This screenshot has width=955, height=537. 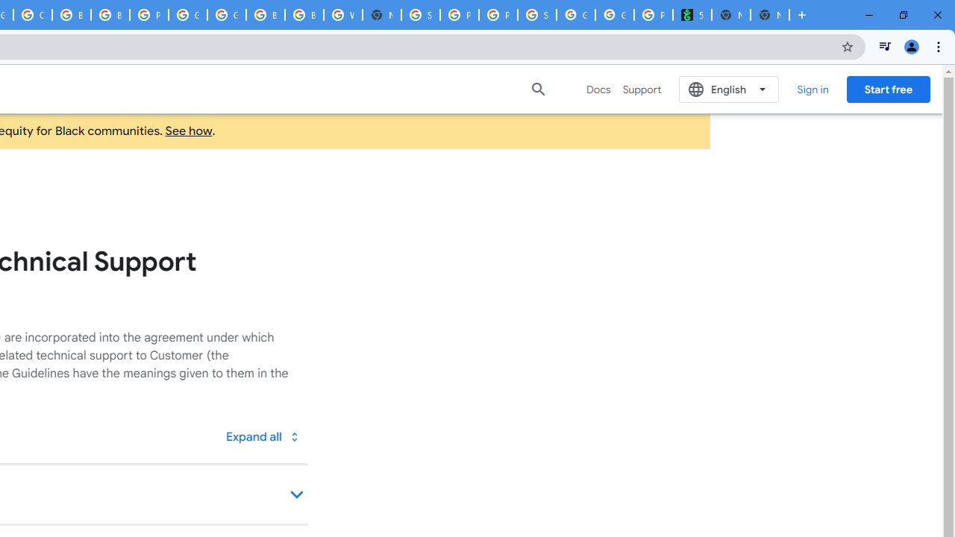 What do you see at coordinates (187, 15) in the screenshot?
I see `'Google Cloud Platform'` at bounding box center [187, 15].